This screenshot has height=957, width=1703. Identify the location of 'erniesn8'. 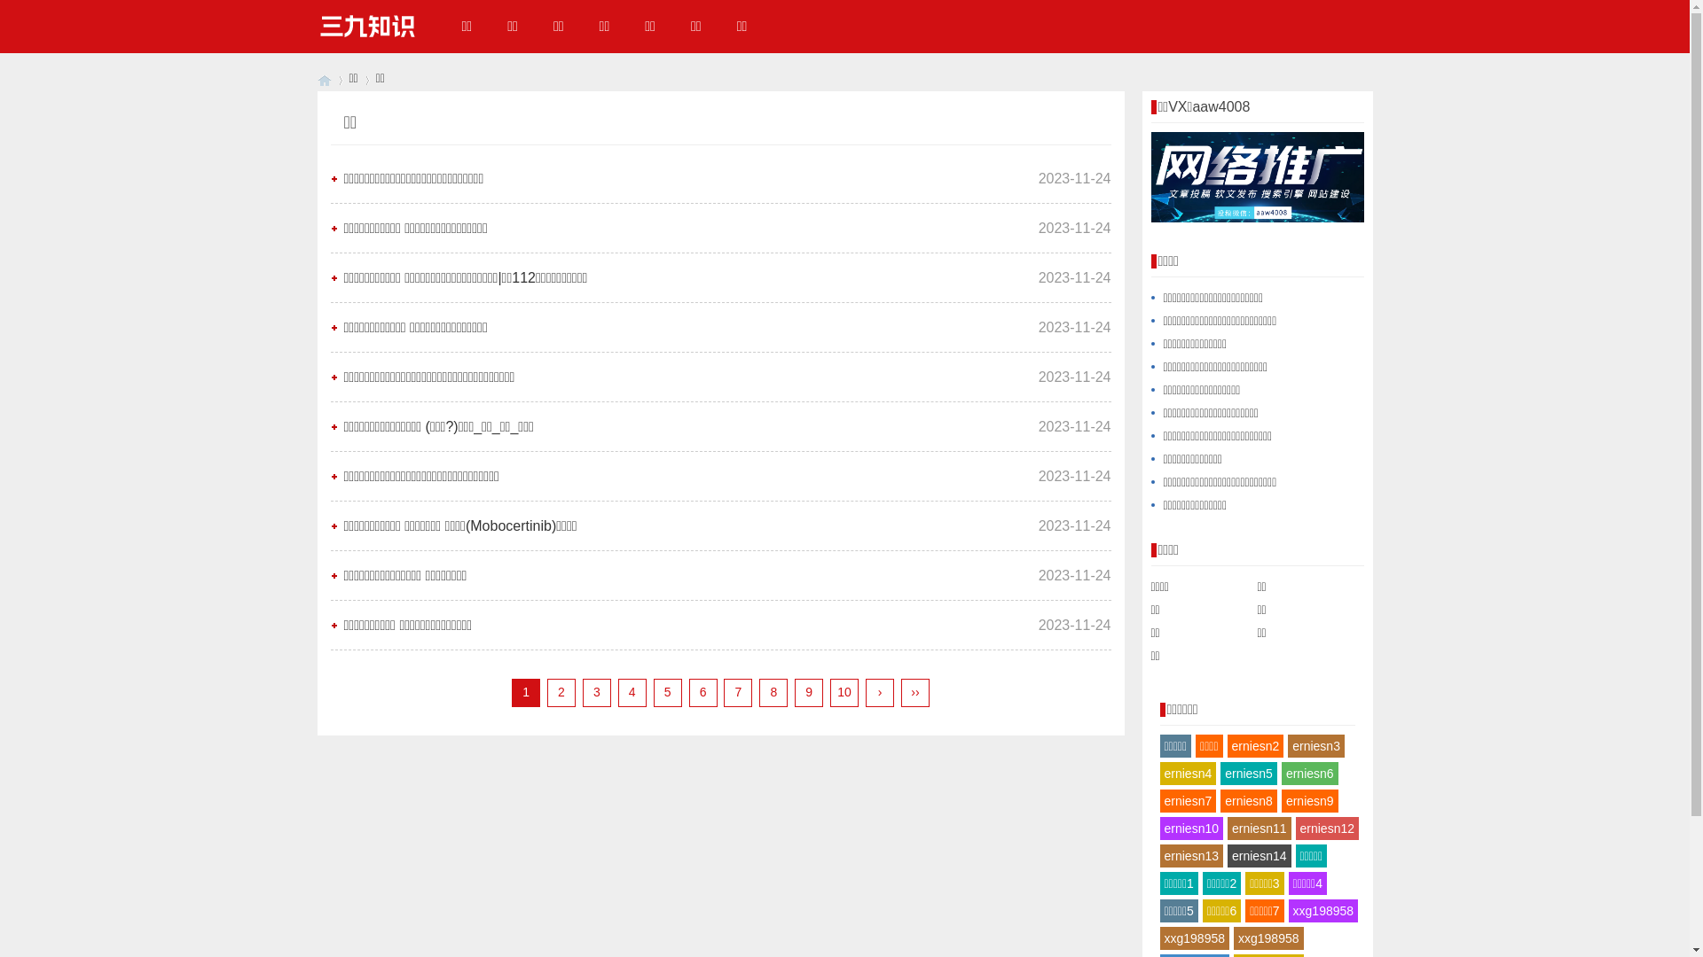
(1247, 800).